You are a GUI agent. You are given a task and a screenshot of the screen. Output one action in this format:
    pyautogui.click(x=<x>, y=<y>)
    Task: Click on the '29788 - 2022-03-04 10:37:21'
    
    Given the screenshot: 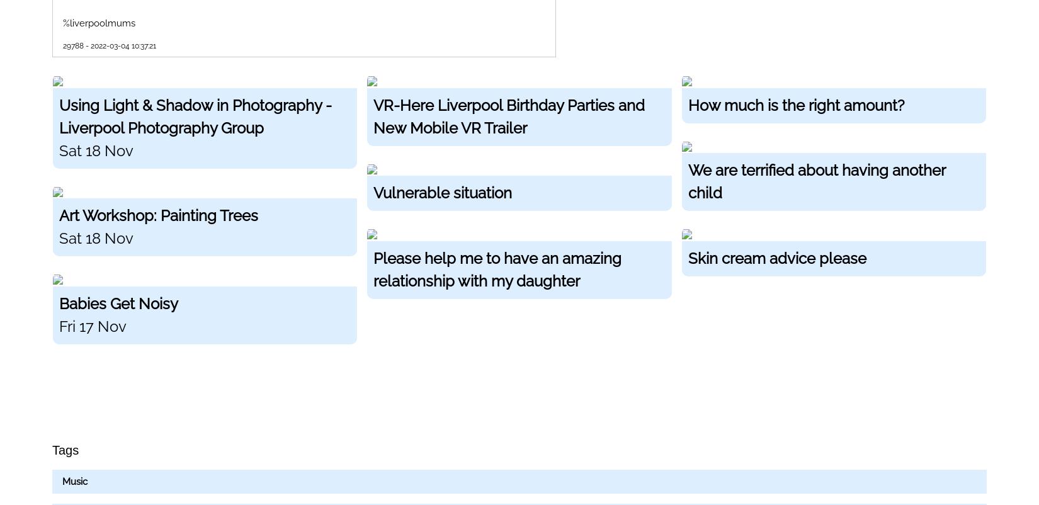 What is the action you would take?
    pyautogui.click(x=110, y=45)
    